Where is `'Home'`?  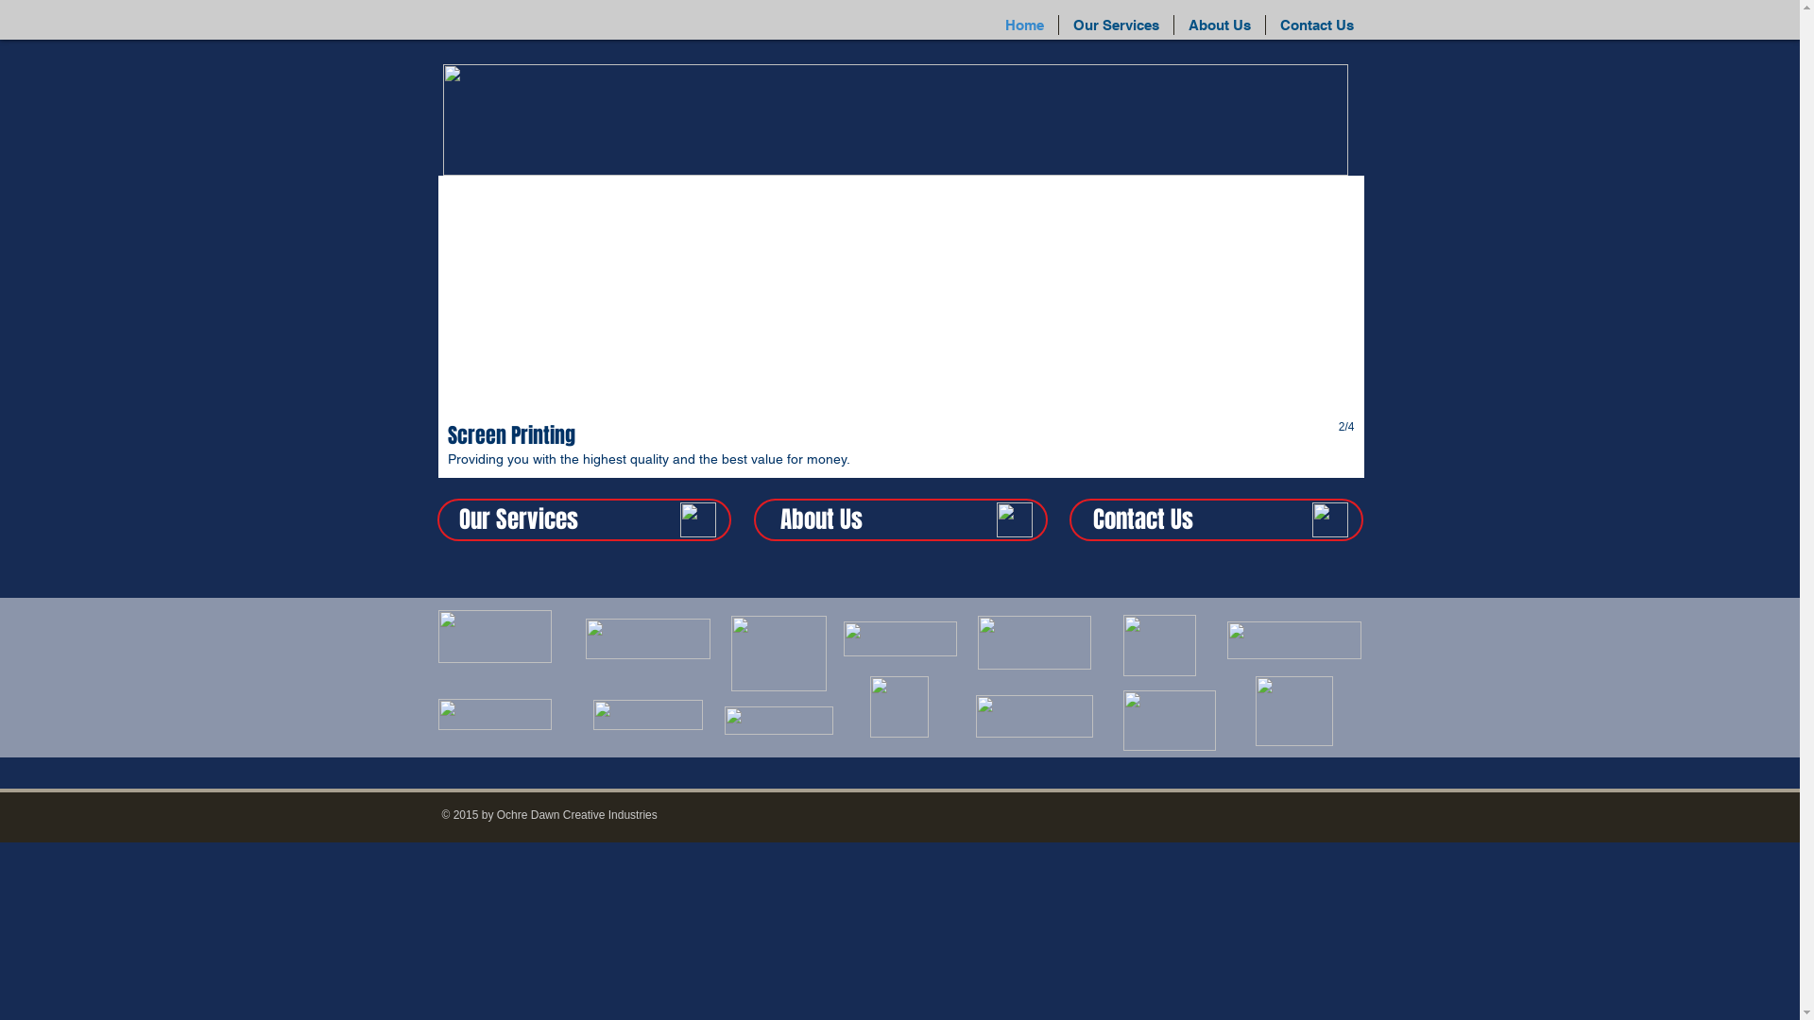 'Home' is located at coordinates (1023, 25).